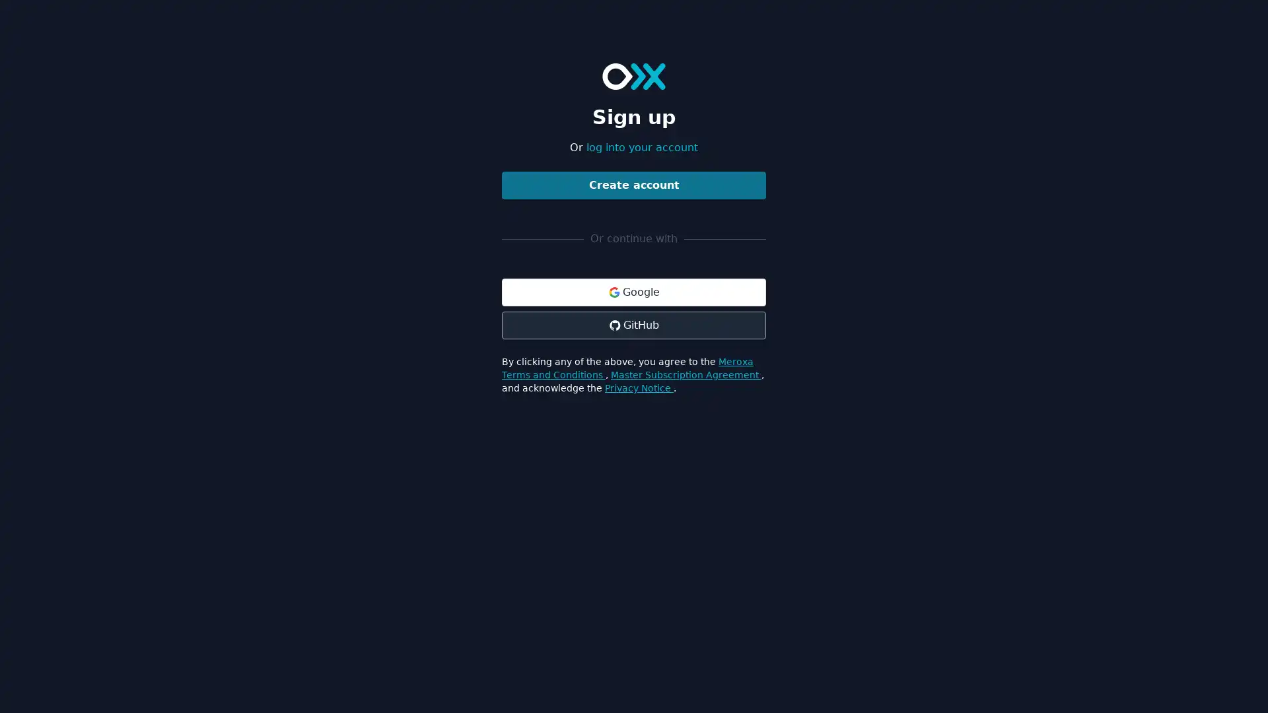 This screenshot has width=1268, height=713. Describe the element at coordinates (634, 186) in the screenshot. I see `Create account` at that location.